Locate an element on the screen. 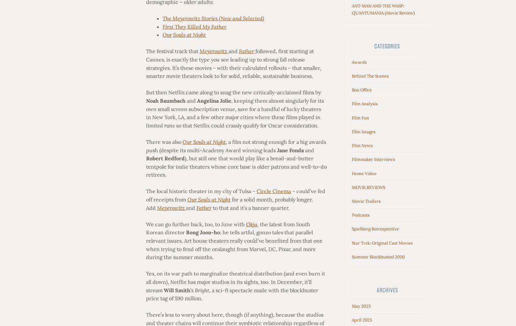 The height and width of the screenshot is (326, 516). 'Movie Trailers' is located at coordinates (352, 200).